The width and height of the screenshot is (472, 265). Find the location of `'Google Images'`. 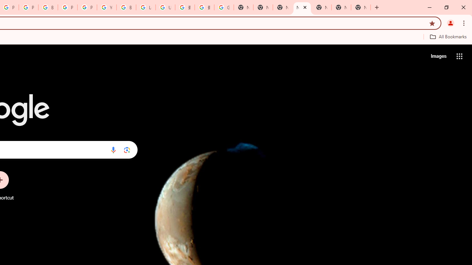

'Google Images' is located at coordinates (223, 7).